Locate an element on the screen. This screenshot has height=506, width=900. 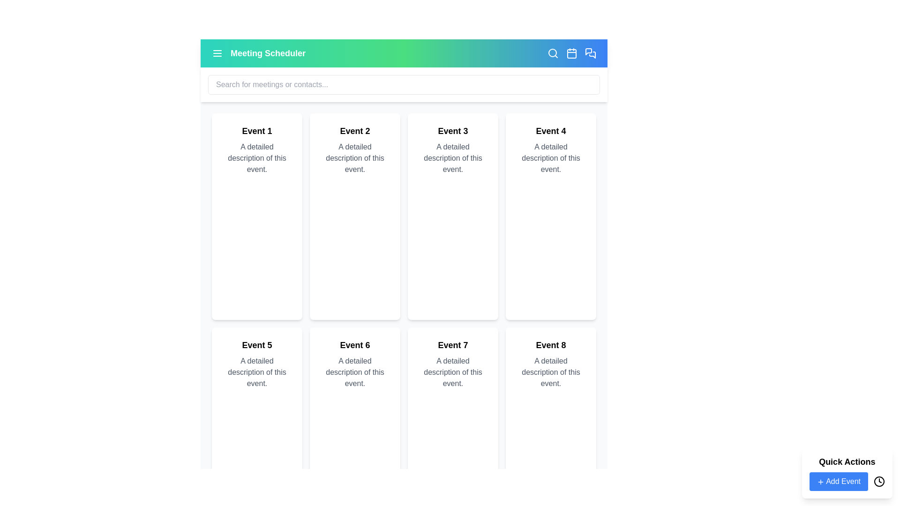
the text label 'Event 1' which is displayed in bold, large font within the top-left card of the grid layout is located at coordinates (257, 131).